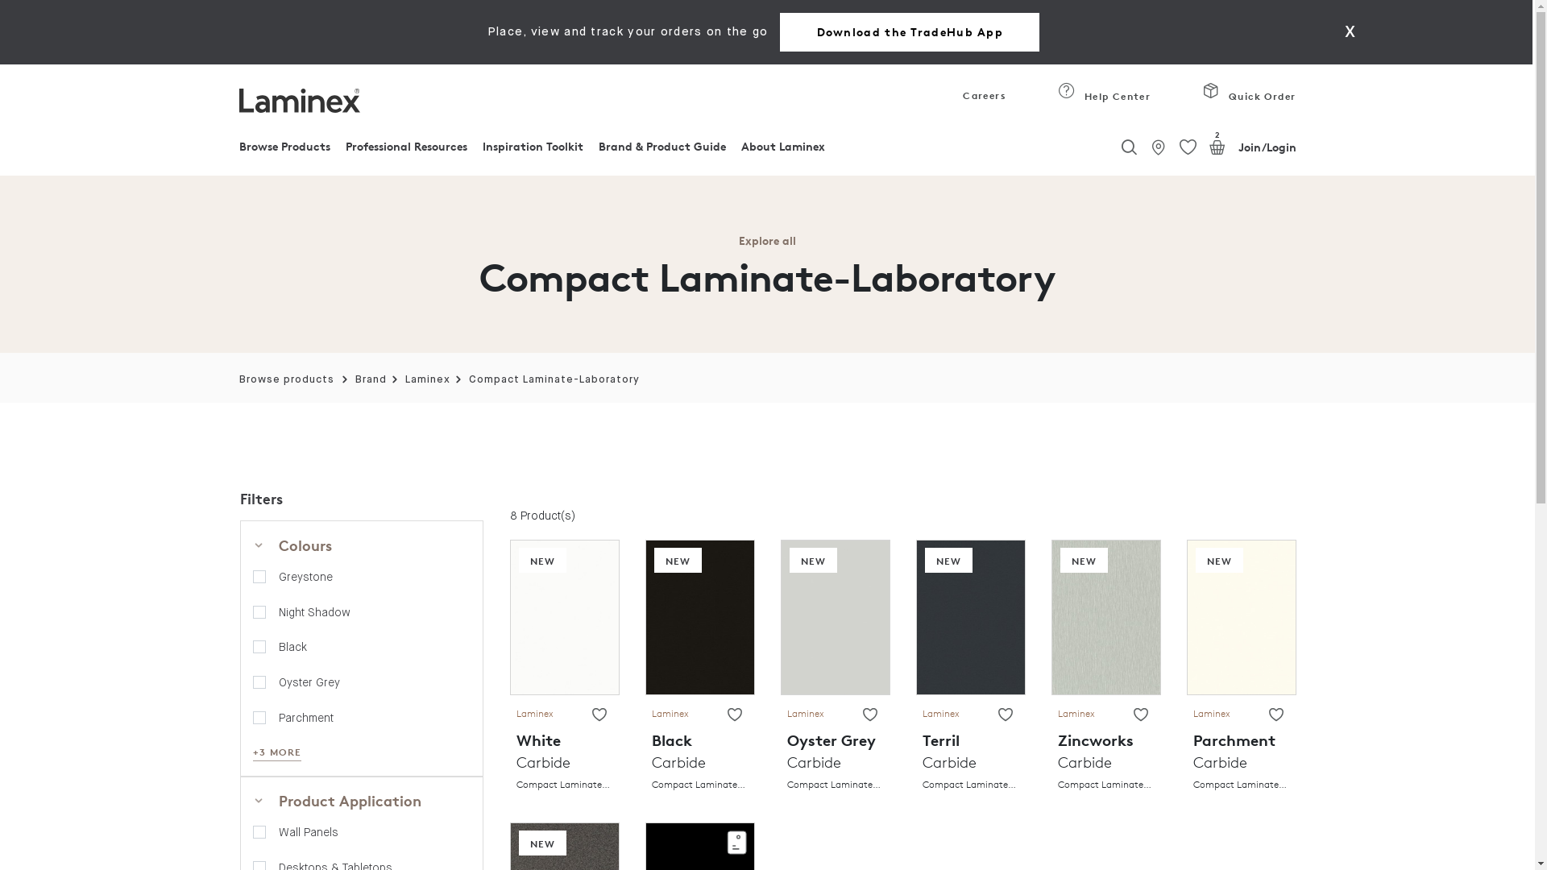  Describe the element at coordinates (298, 100) in the screenshot. I see `'Laminex logo'` at that location.